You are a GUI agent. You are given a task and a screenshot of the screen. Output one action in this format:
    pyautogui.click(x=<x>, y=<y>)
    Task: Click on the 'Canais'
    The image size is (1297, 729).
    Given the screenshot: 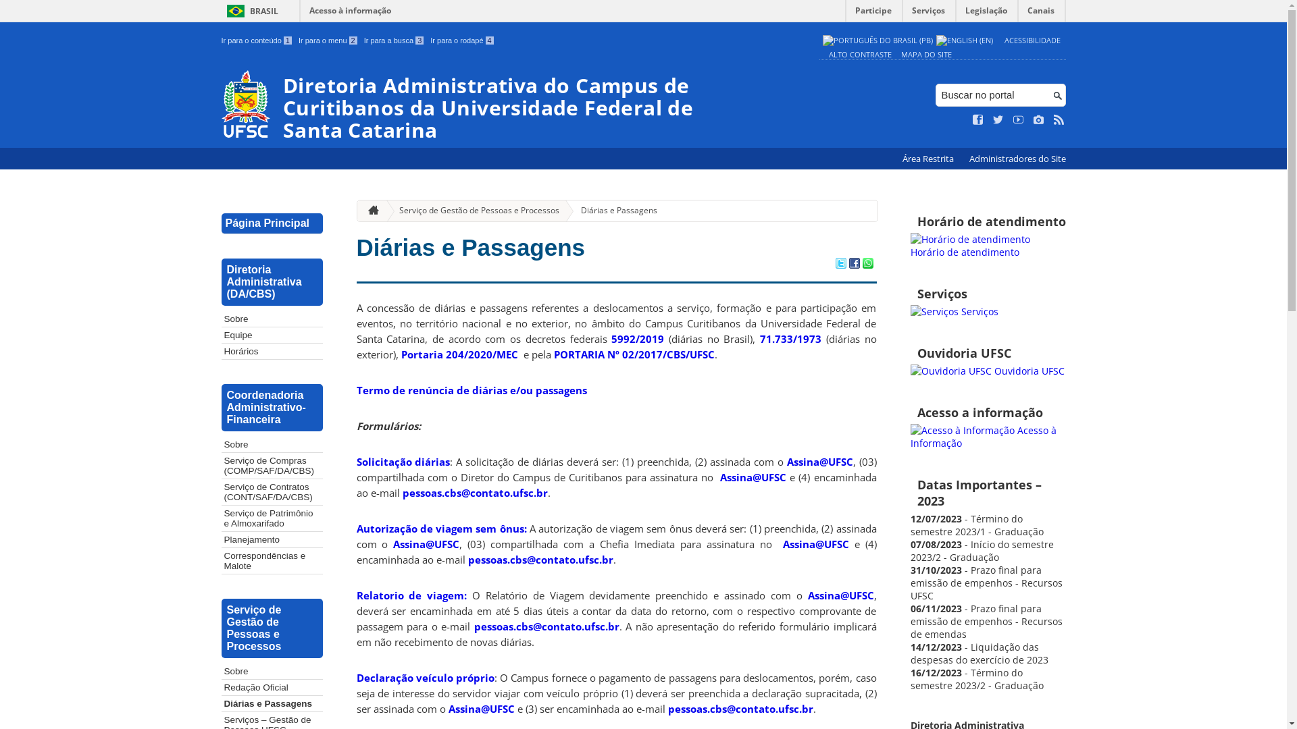 What is the action you would take?
    pyautogui.click(x=1040, y=13)
    